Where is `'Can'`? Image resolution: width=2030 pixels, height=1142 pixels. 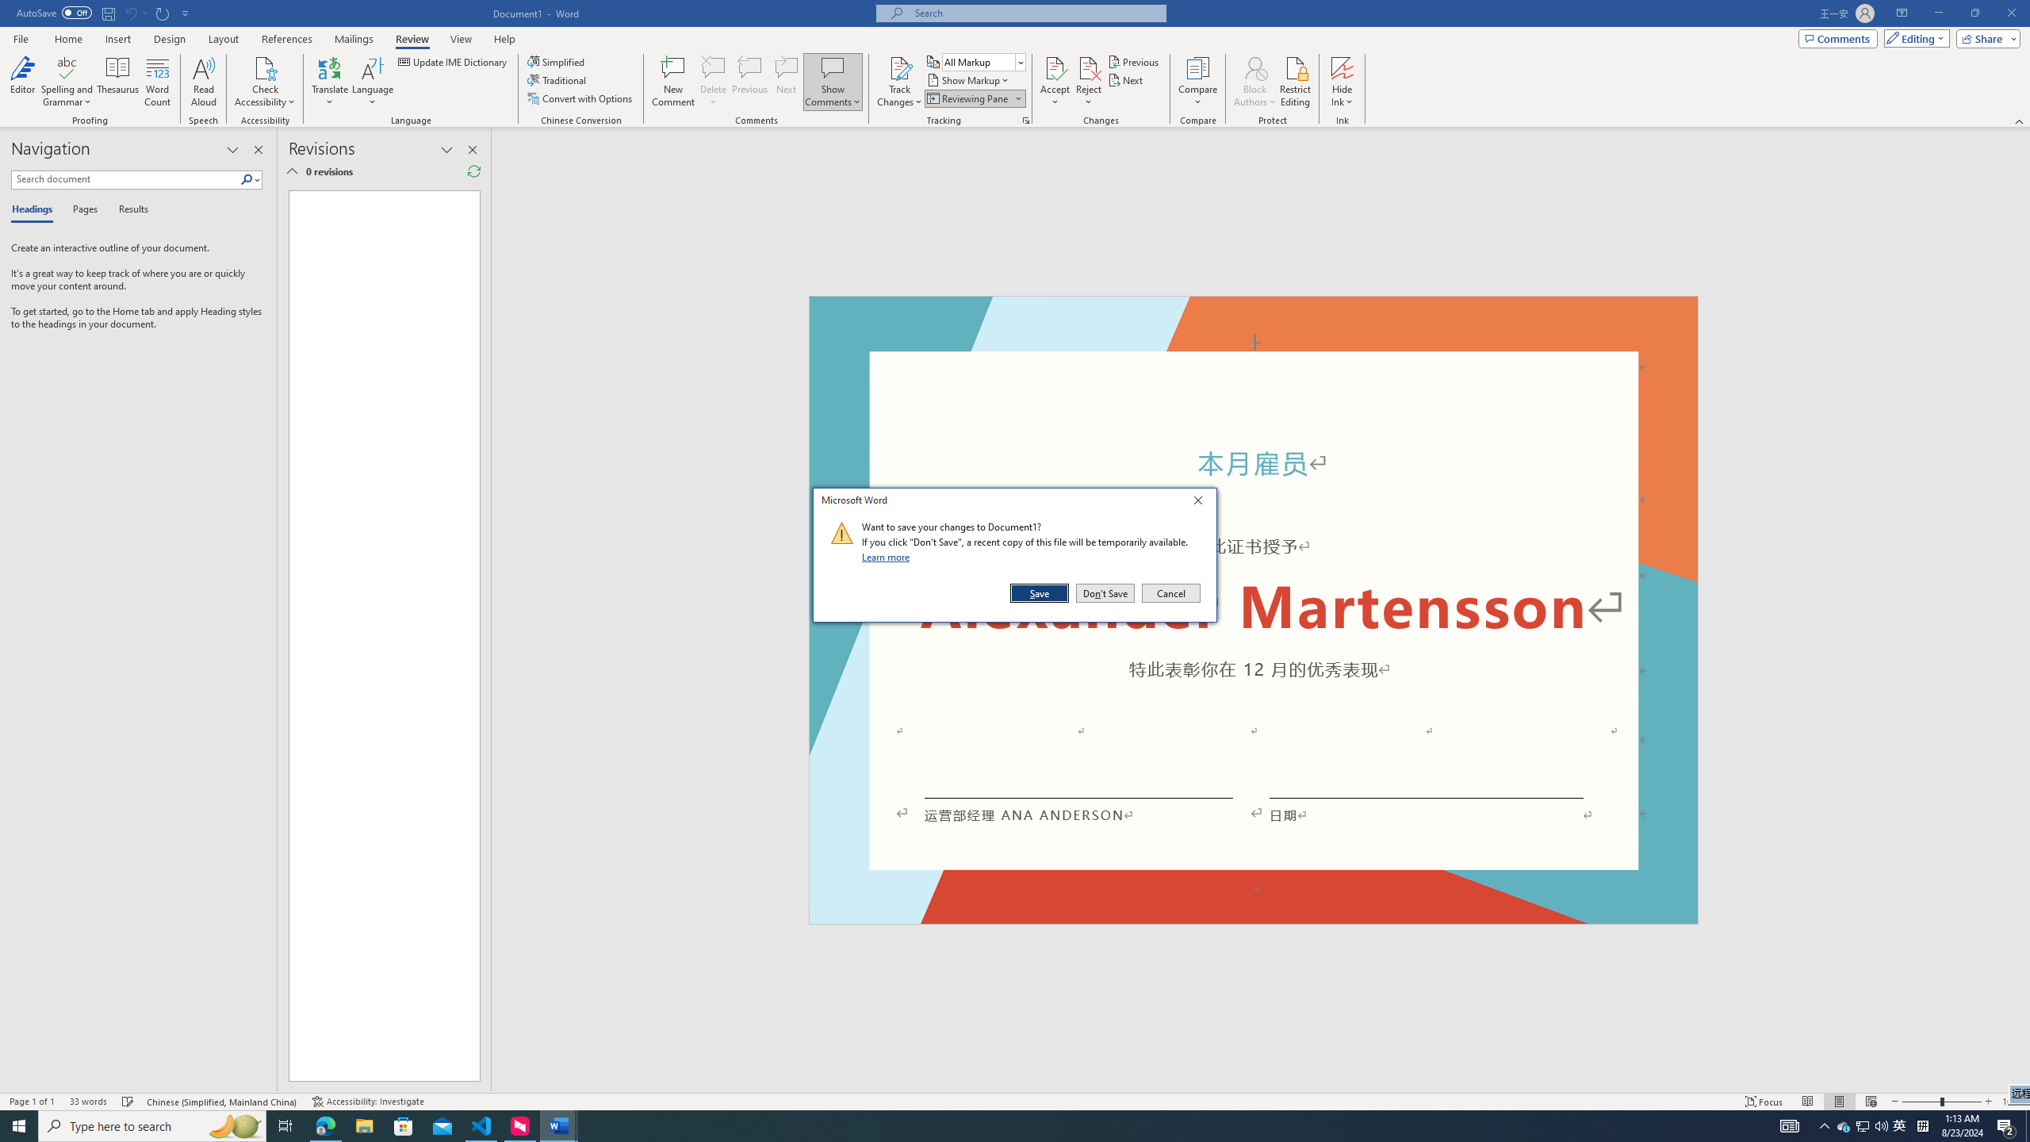
'Can' is located at coordinates (135, 12).